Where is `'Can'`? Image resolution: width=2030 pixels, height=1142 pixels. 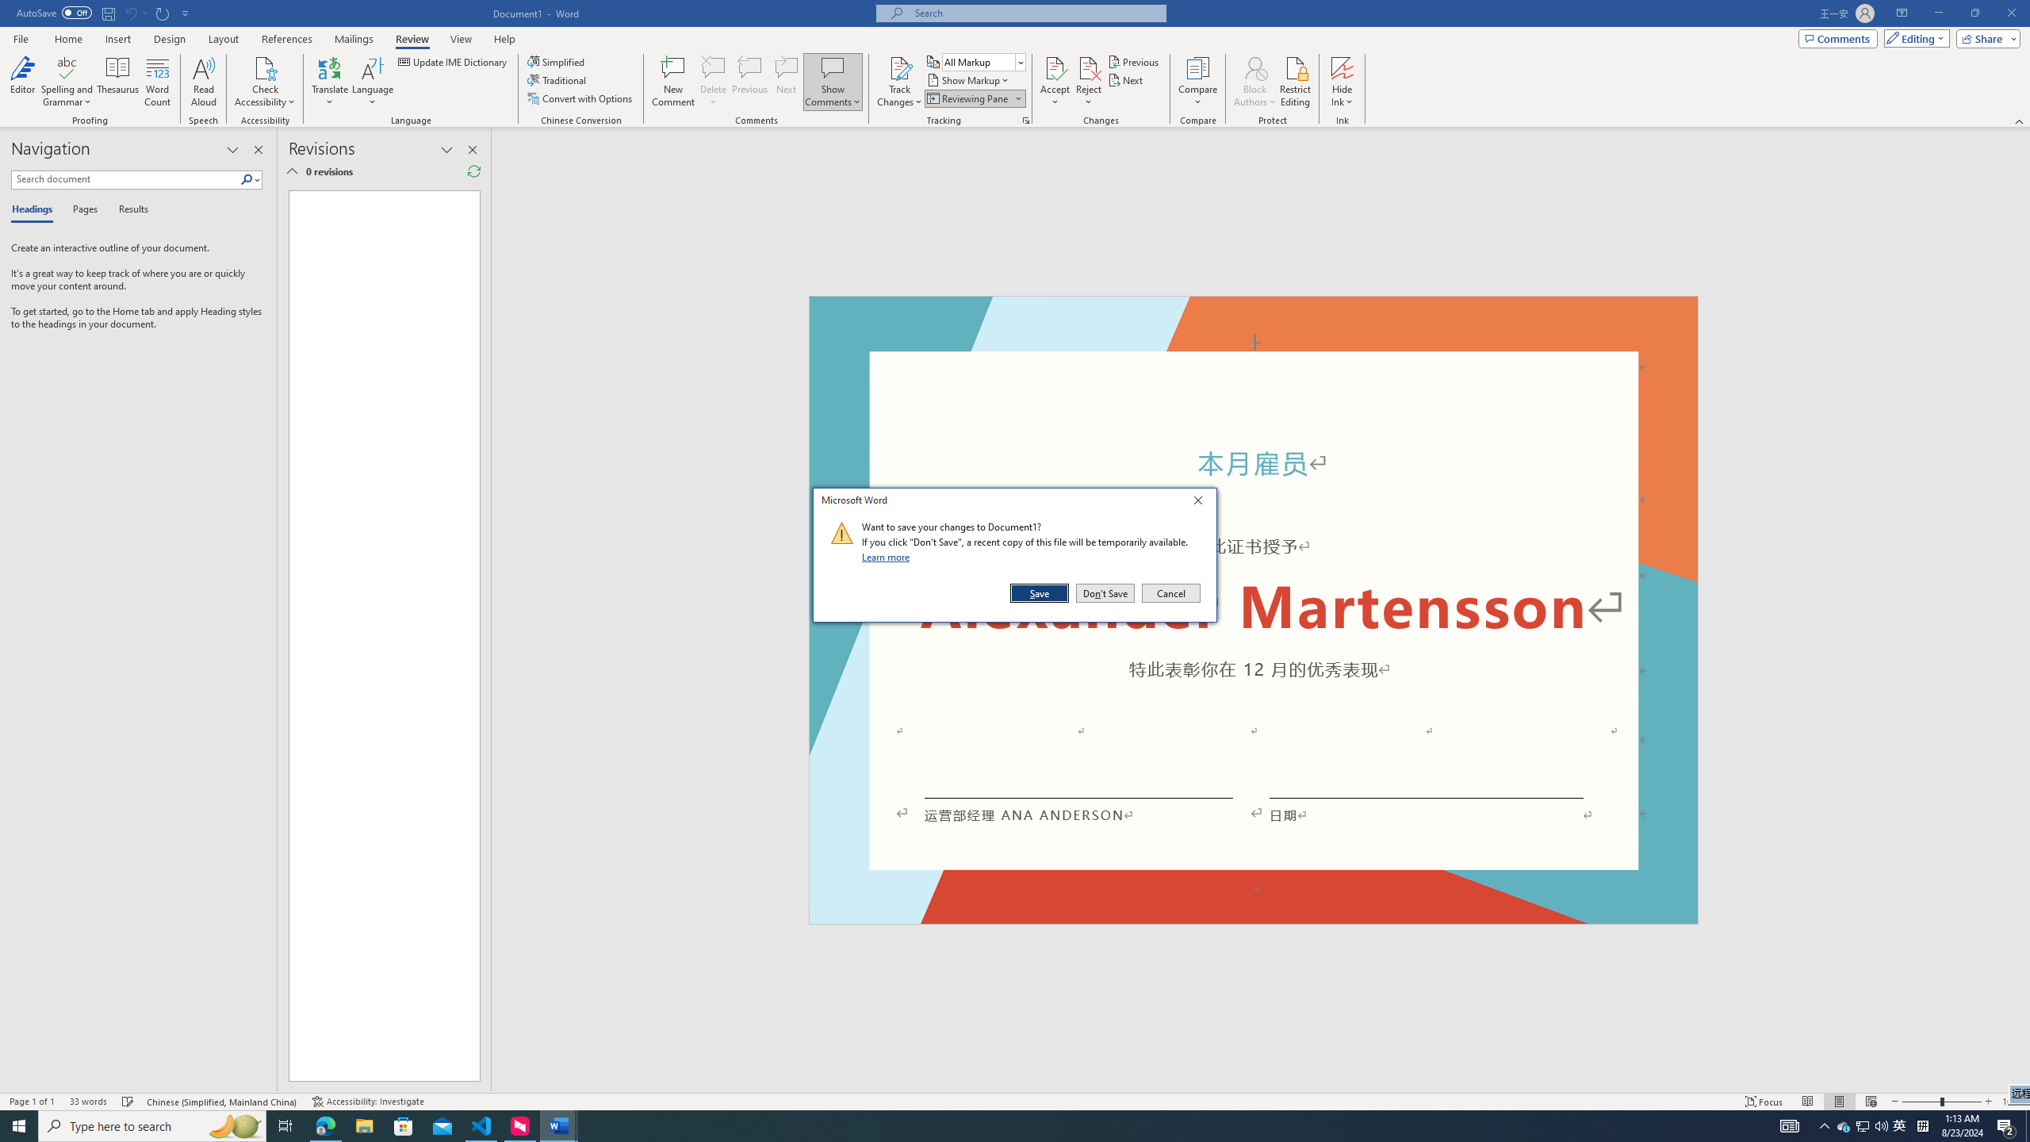
'Can' is located at coordinates (135, 12).